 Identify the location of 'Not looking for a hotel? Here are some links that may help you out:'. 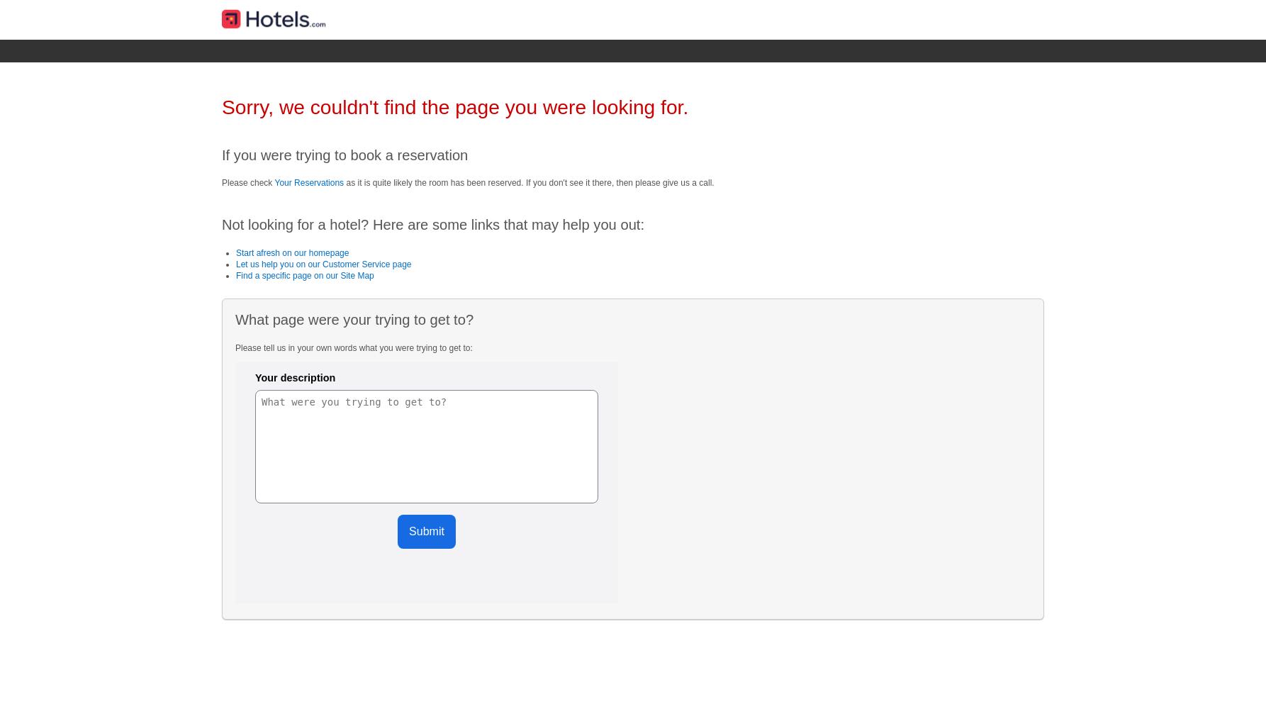
(222, 224).